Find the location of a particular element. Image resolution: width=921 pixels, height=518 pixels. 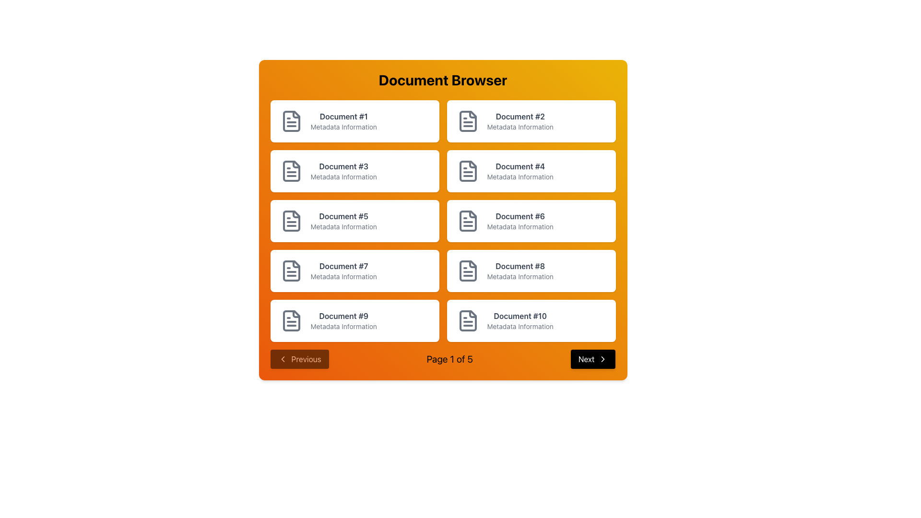

the document summary card located in the first row and second column of the grid layout, which provides a visual summary of the document including its title and metadata is located at coordinates (531, 121).